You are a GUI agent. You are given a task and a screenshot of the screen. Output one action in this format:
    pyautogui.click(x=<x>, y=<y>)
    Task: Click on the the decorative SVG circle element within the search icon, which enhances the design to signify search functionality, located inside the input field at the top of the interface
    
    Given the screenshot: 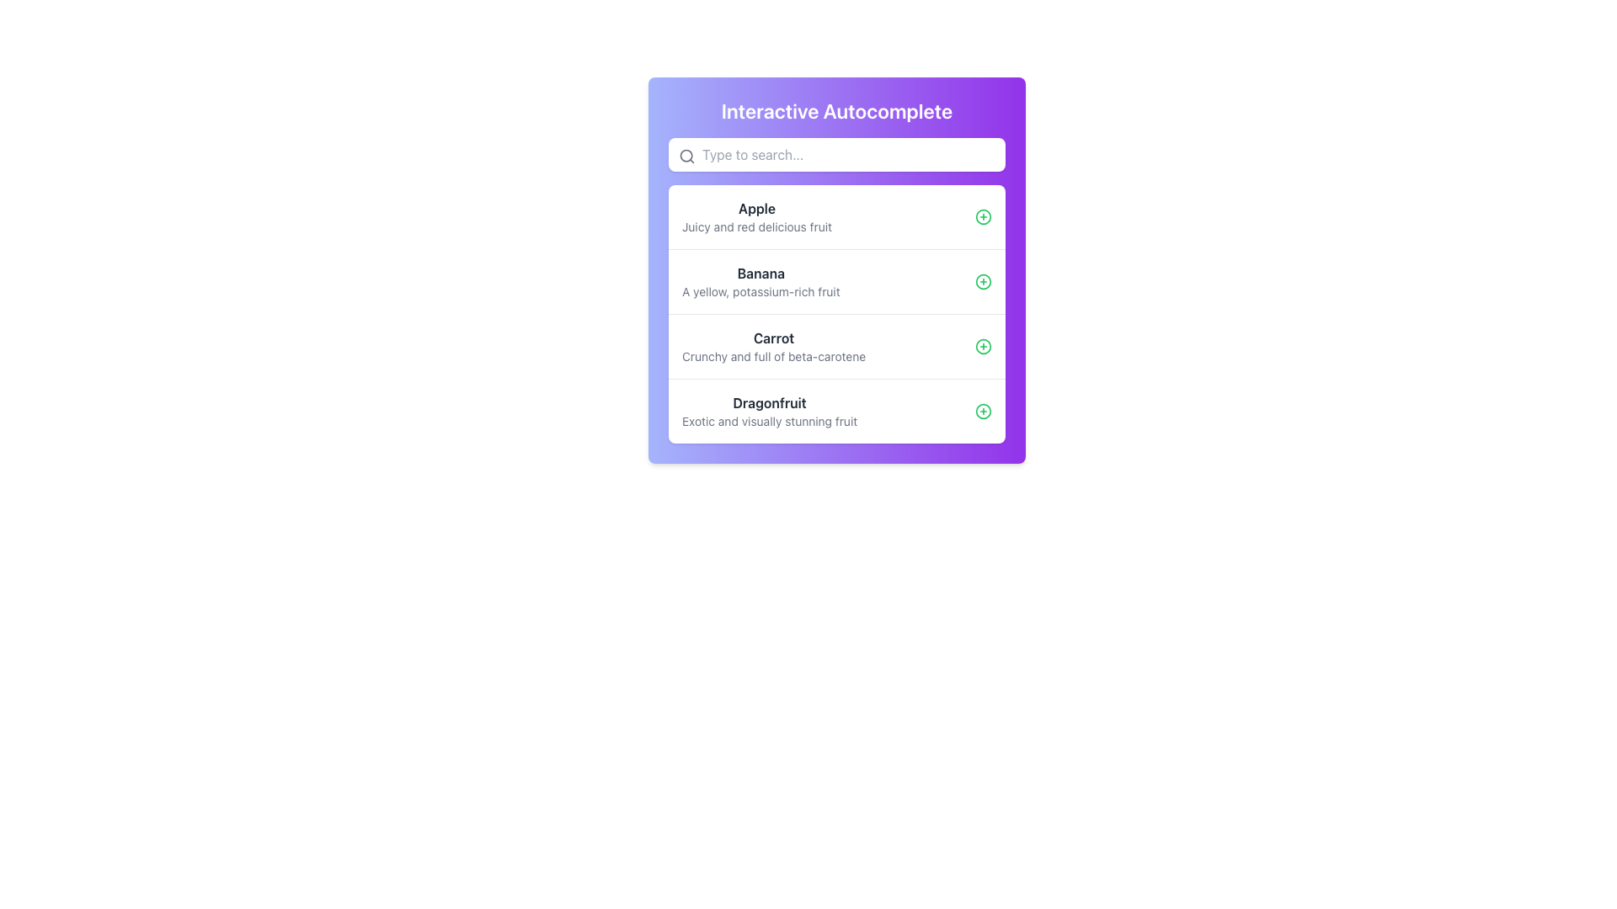 What is the action you would take?
    pyautogui.click(x=686, y=156)
    